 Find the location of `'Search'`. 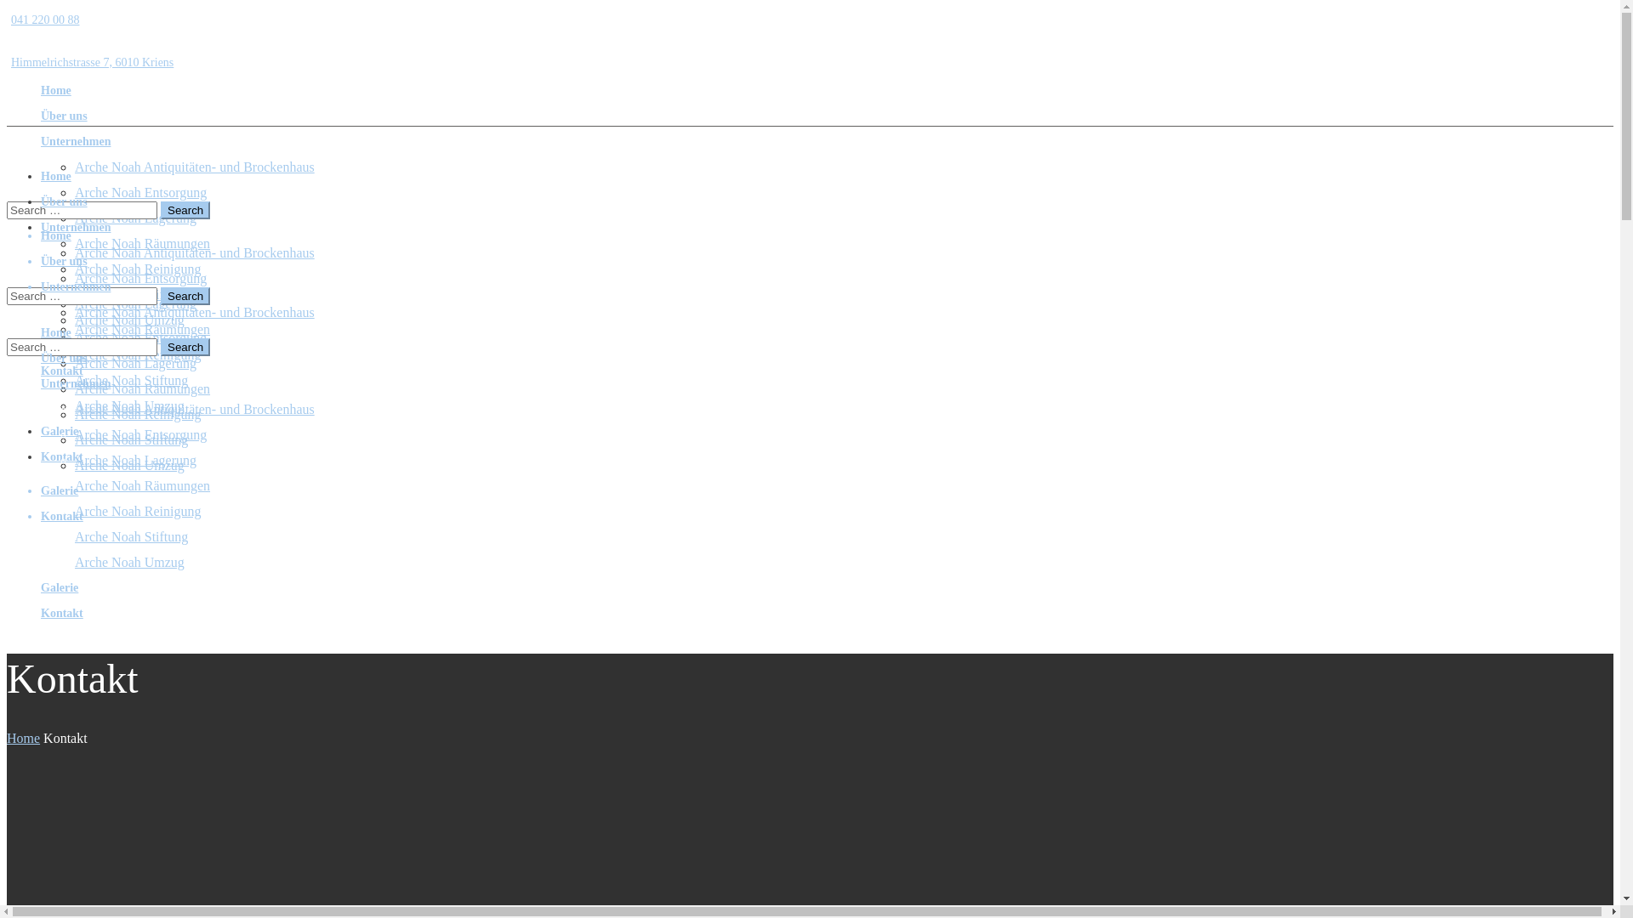

'Search' is located at coordinates (185, 295).